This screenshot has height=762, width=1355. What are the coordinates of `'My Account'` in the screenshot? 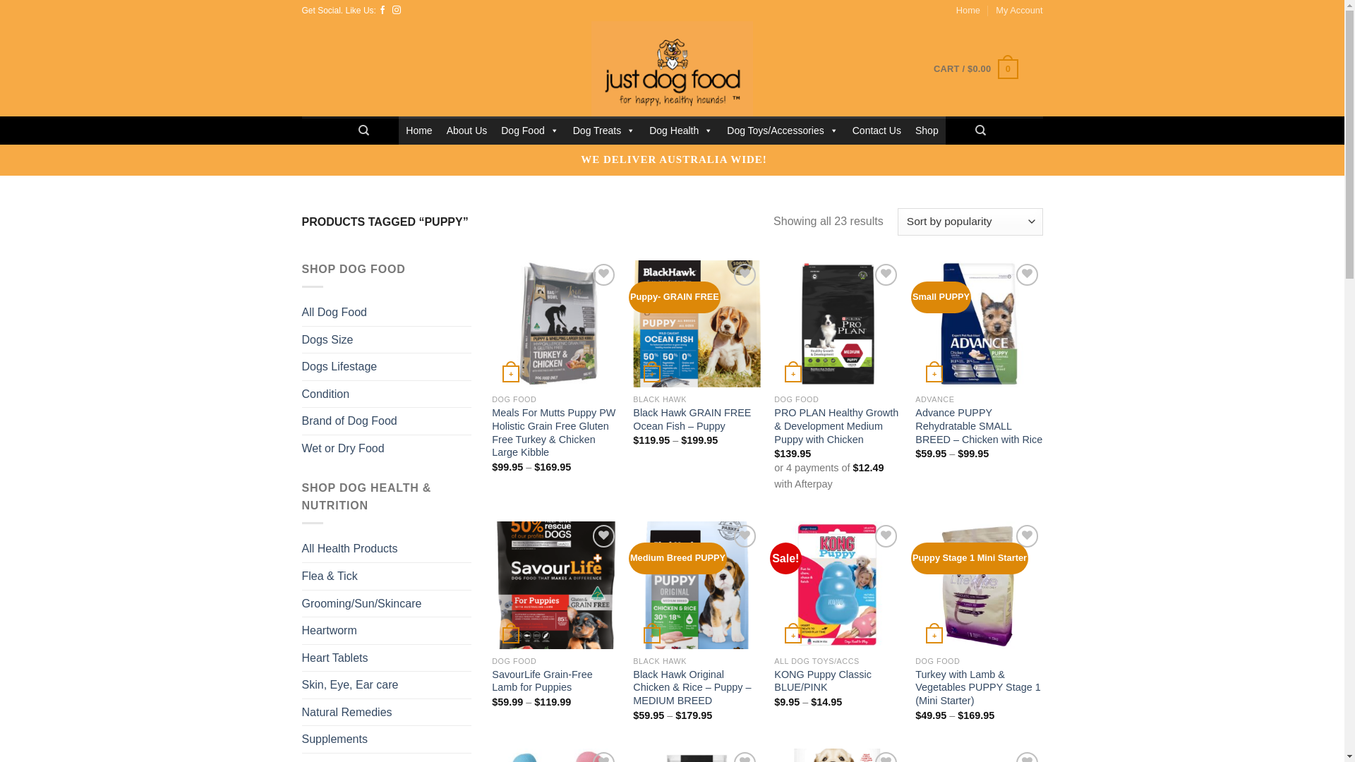 It's located at (1019, 11).